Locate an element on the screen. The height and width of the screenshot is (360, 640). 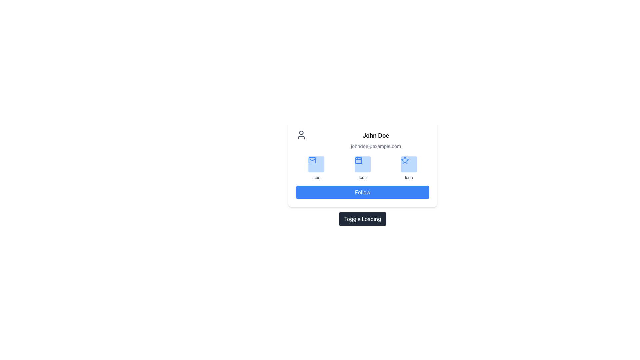
the text block displaying the user's name and email address, which is located to the right of the avatar in the user profile layout is located at coordinates (376, 140).